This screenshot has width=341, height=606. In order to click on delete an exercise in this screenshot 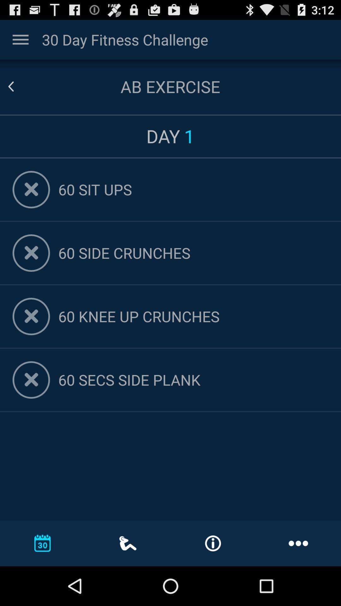, I will do `click(31, 189)`.